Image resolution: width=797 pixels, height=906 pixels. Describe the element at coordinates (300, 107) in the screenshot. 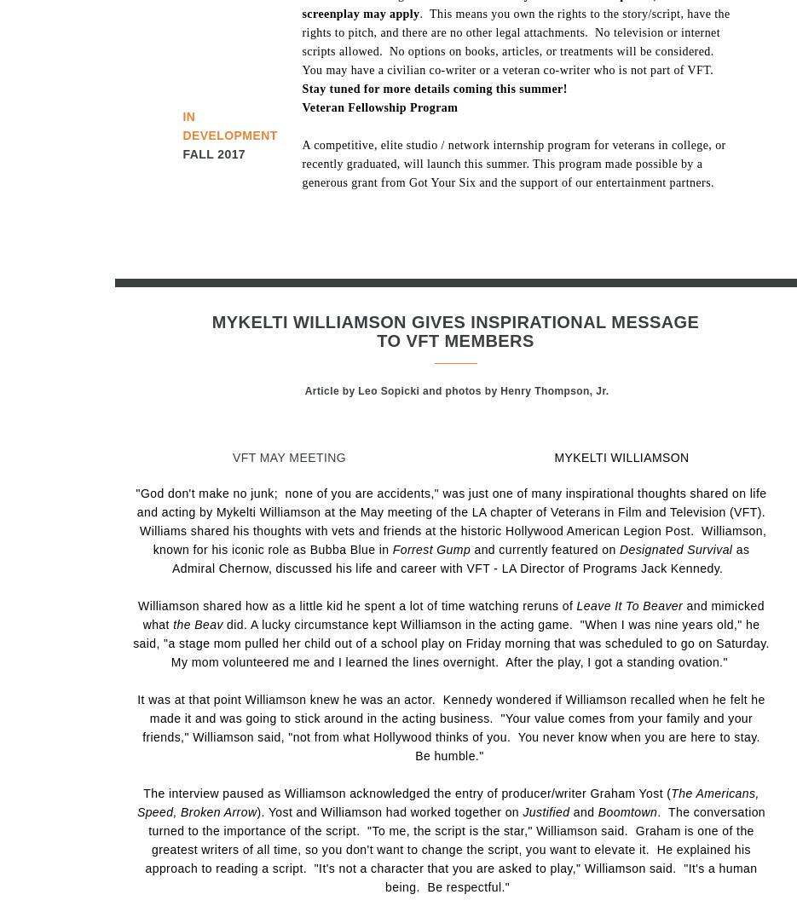

I see `'Veteran Fellowship Program'` at that location.